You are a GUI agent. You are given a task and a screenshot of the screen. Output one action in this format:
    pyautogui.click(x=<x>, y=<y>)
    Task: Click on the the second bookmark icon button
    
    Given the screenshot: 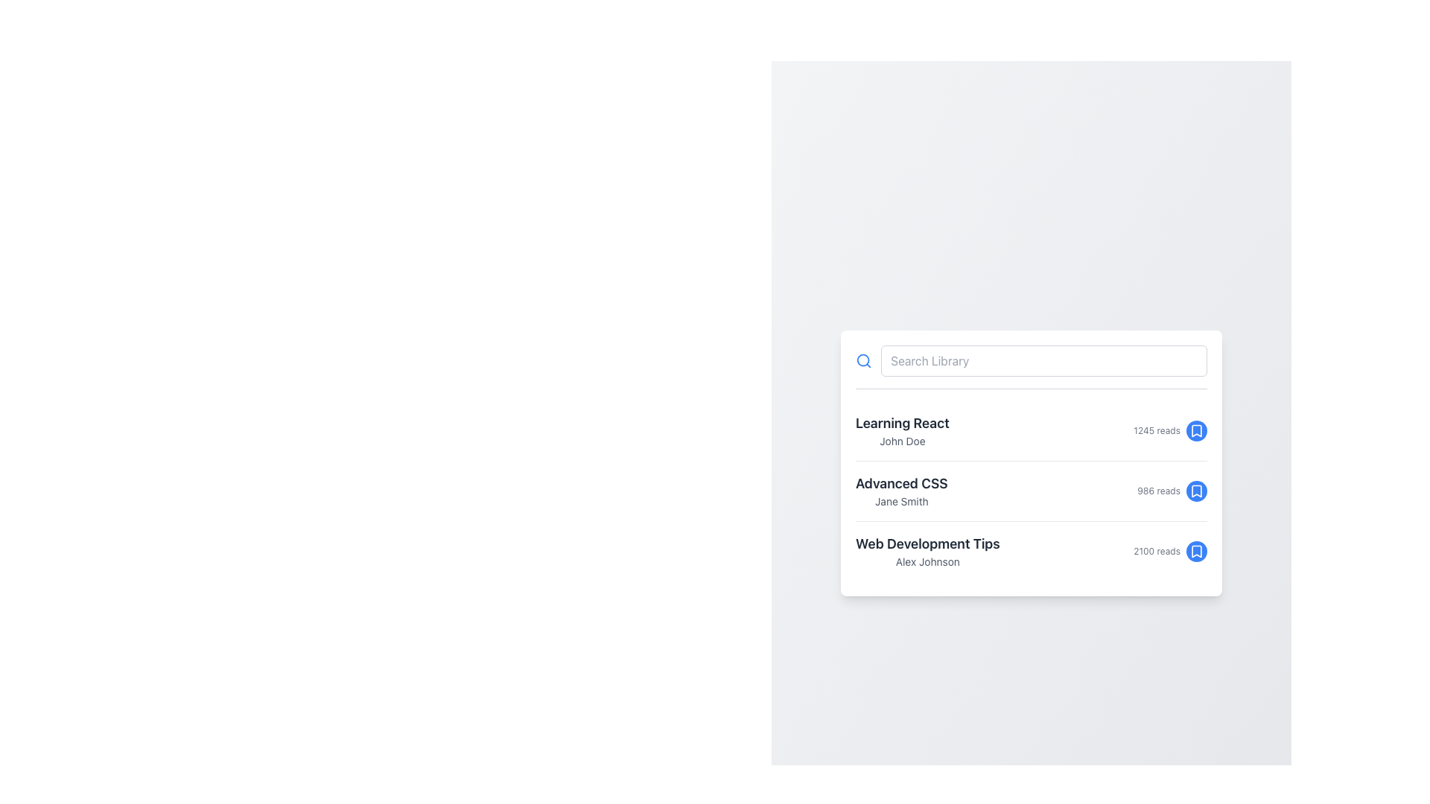 What is the action you would take?
    pyautogui.click(x=1197, y=491)
    